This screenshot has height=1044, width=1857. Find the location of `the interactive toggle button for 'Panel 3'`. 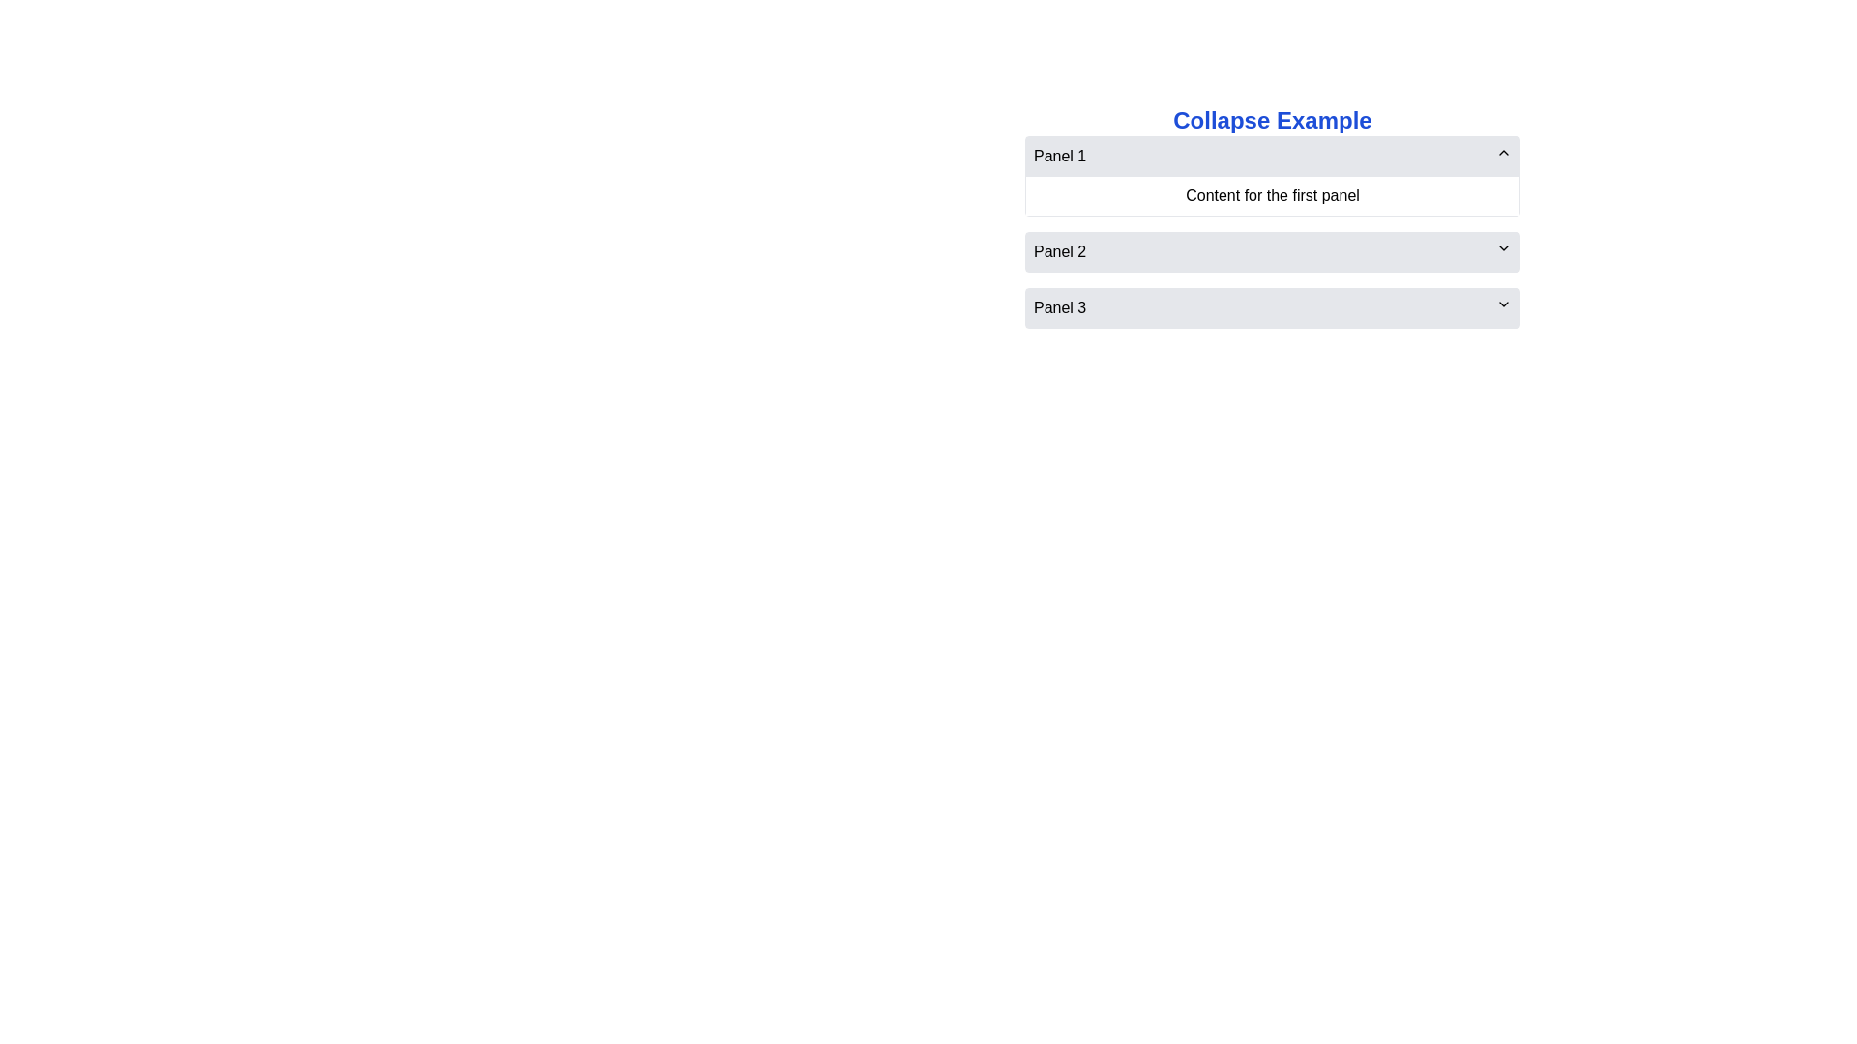

the interactive toggle button for 'Panel 3' is located at coordinates (1272, 307).